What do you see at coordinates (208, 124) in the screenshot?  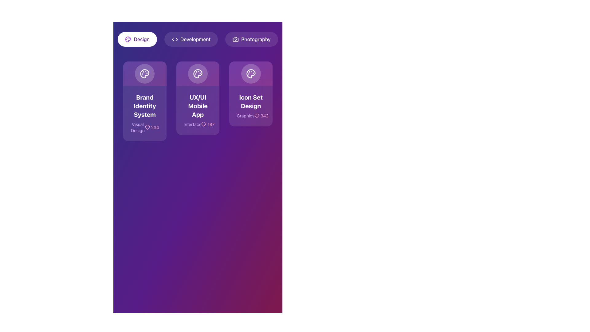 I see `the text label with an icon indicating numerical metrics, located in the second card from the left in the grid layout, near the bottom-right corner just below the title 'Interface'` at bounding box center [208, 124].